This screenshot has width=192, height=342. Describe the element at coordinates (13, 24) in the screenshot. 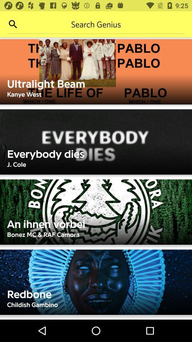

I see `the icon at the top left corner` at that location.